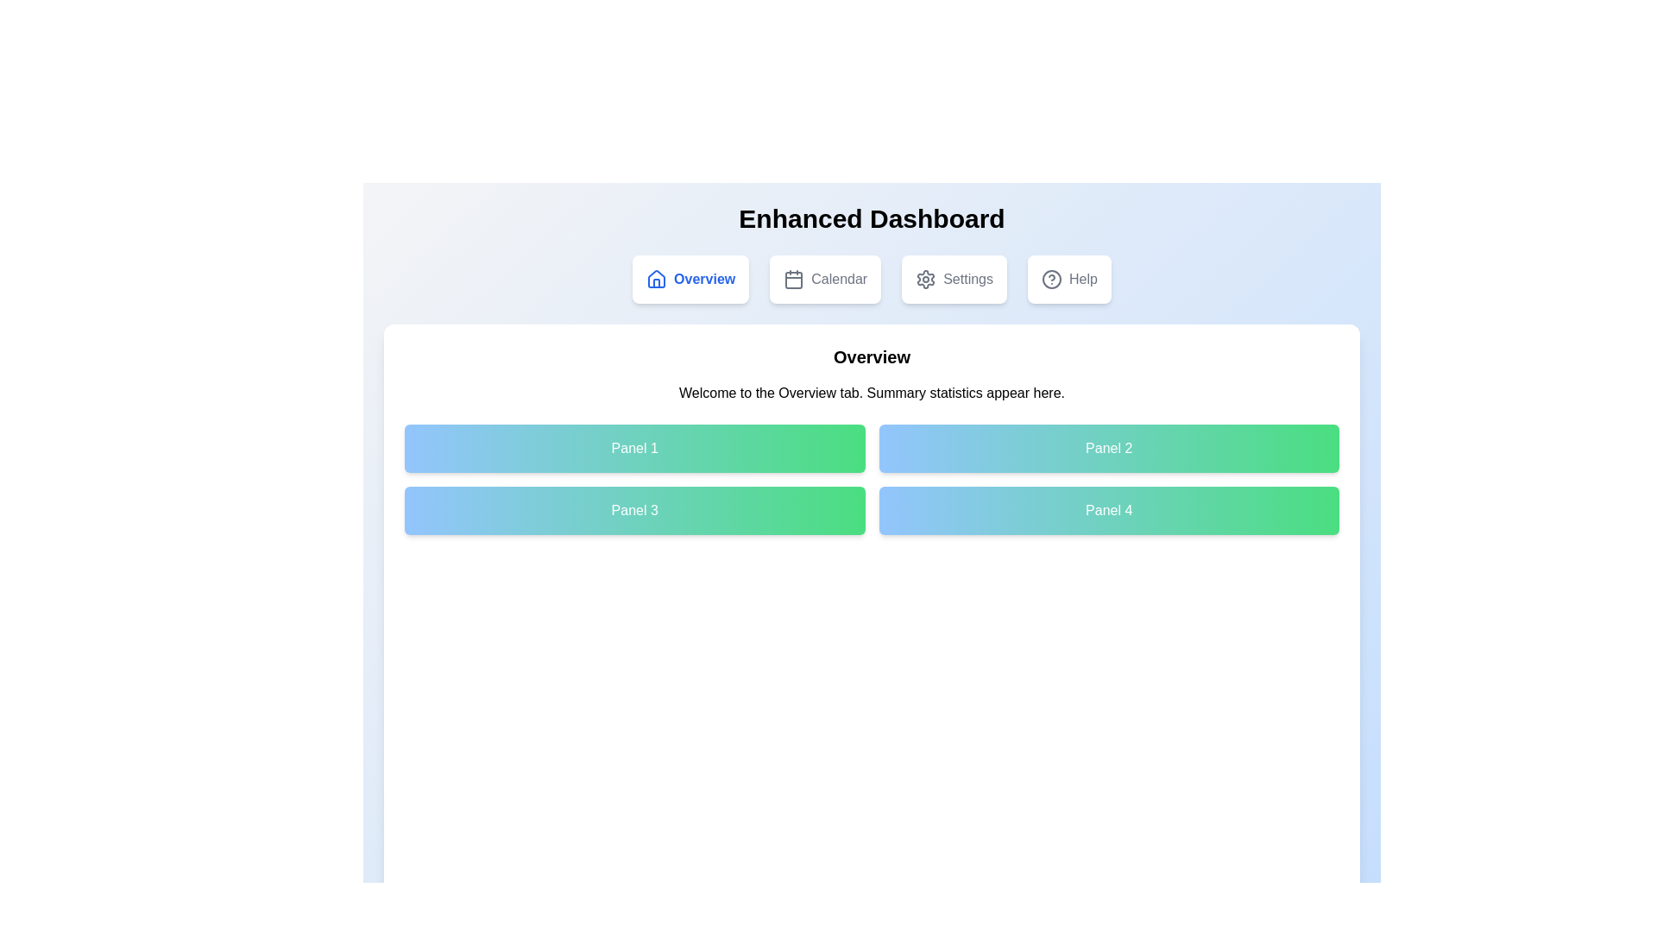 The width and height of the screenshot is (1657, 932). What do you see at coordinates (953, 279) in the screenshot?
I see `the Settings tab to explore its content` at bounding box center [953, 279].